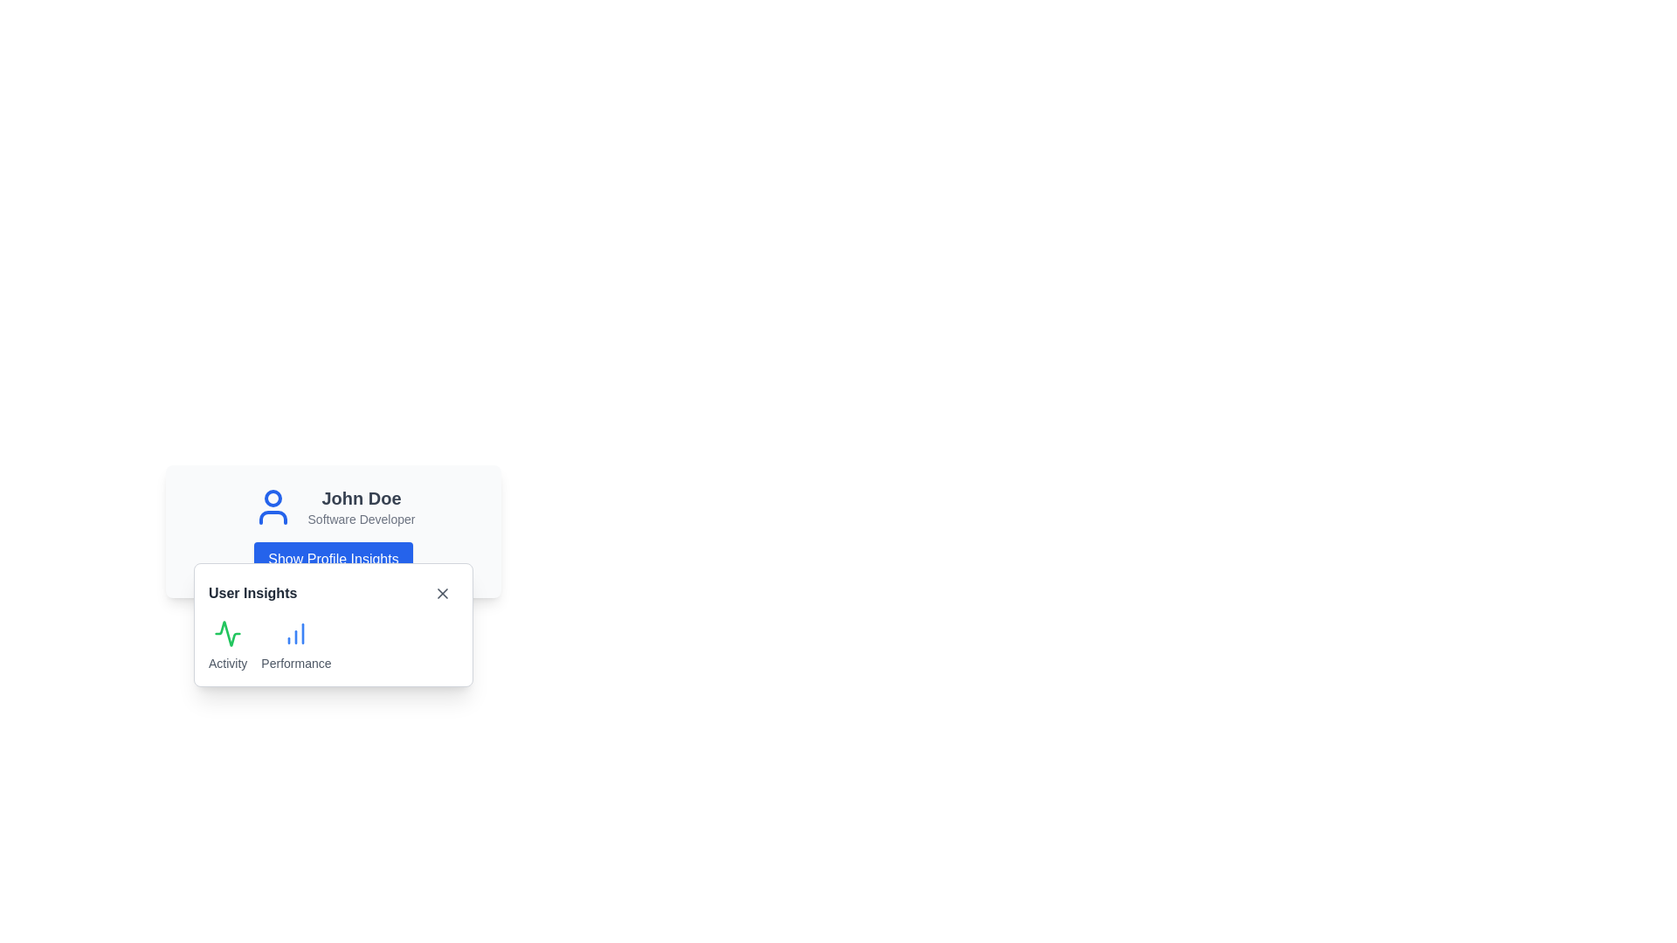 This screenshot has height=943, width=1677. I want to click on name displayed as 'John Doe' in a bold and large font, located at the top of the profile card above the text 'Software Developer', so click(360, 498).